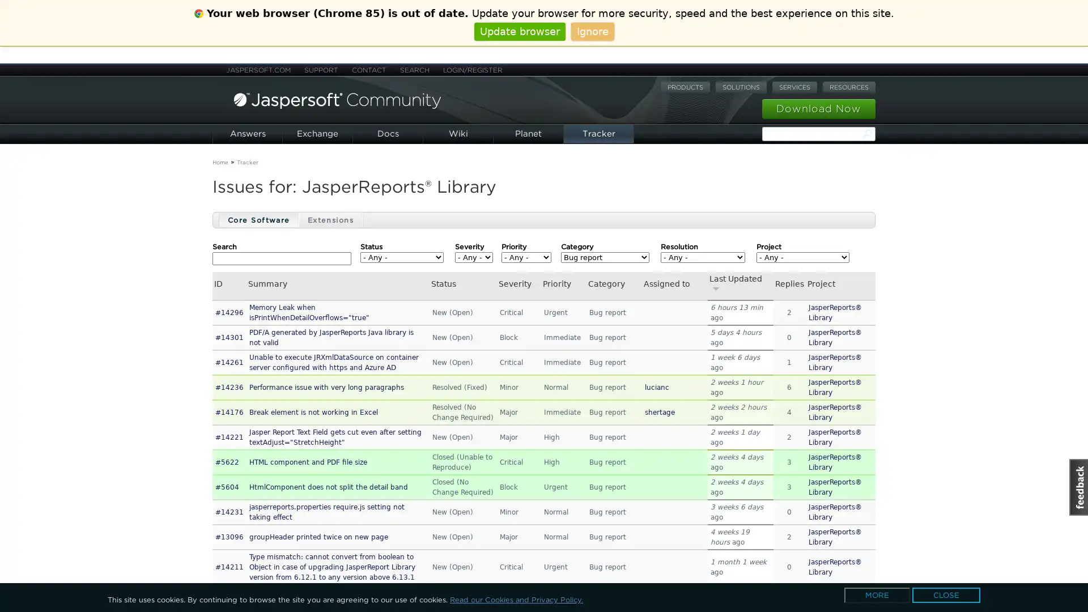  Describe the element at coordinates (867, 133) in the screenshot. I see `Search` at that location.